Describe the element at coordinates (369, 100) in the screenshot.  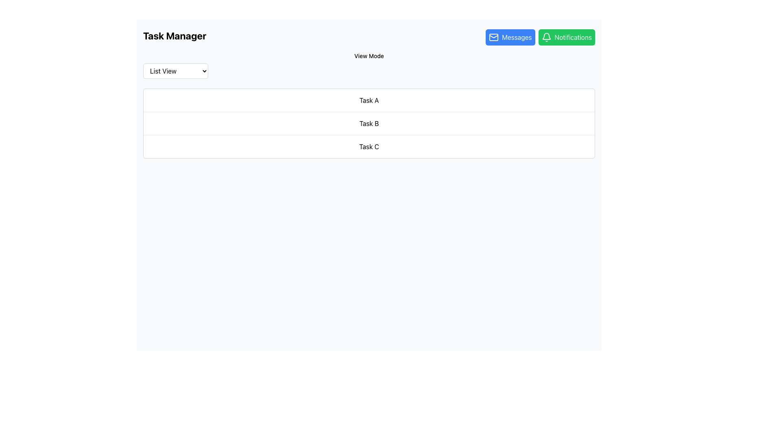
I see `the text display element labeled 'Task A', which is the first item in the list of tasks` at that location.